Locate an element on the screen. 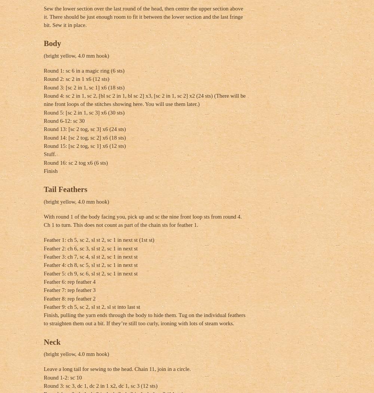 Image resolution: width=374 pixels, height=393 pixels. 'Feather 1: ch 5, sc 2, sl st 2, sc 1 in next st (1st st)' is located at coordinates (99, 240).